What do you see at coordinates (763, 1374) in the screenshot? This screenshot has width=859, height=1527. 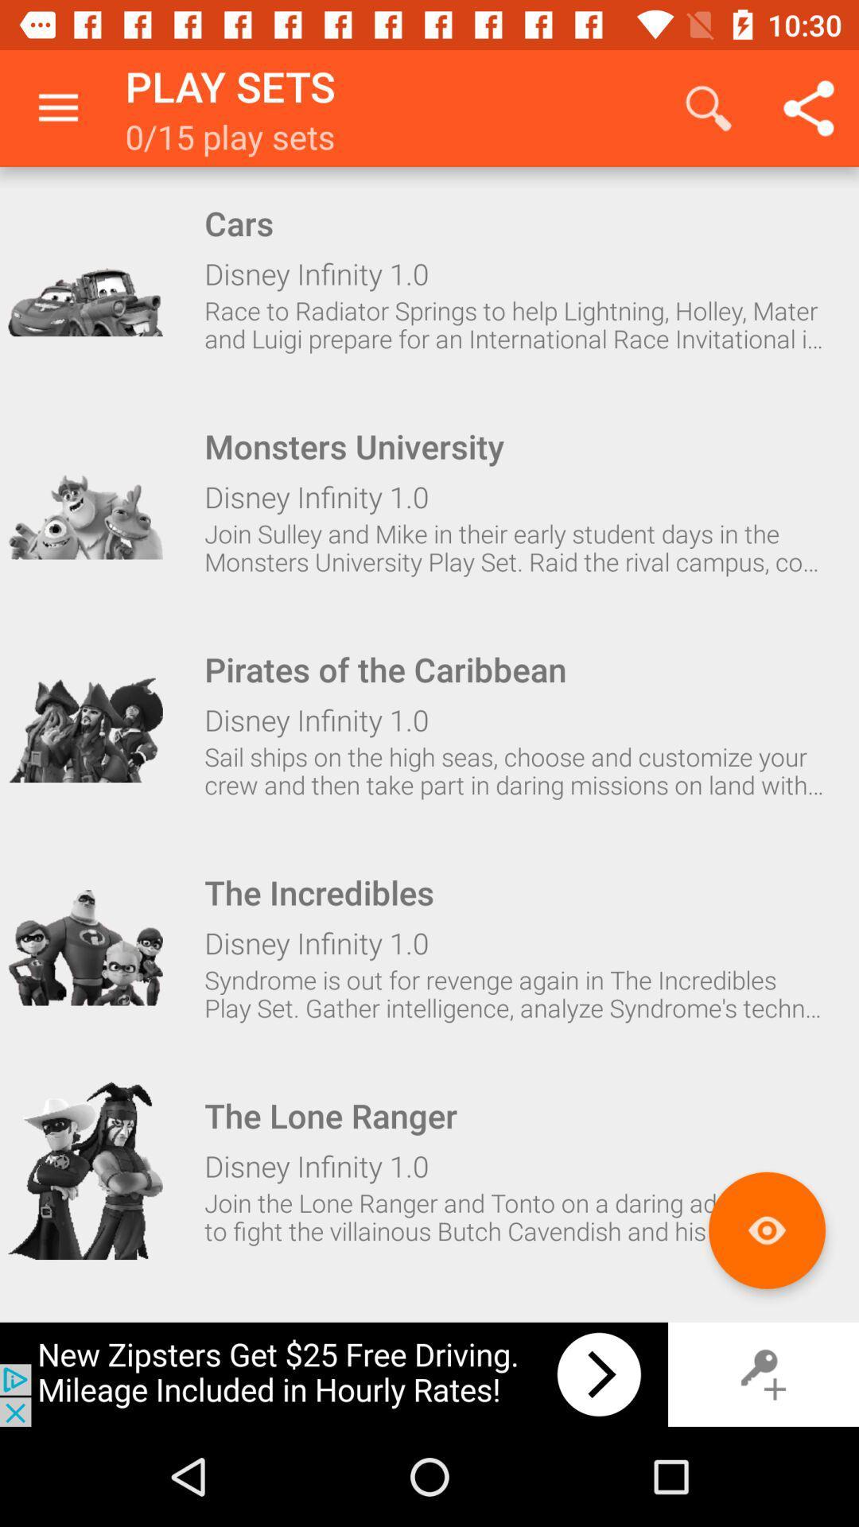 I see `key` at bounding box center [763, 1374].